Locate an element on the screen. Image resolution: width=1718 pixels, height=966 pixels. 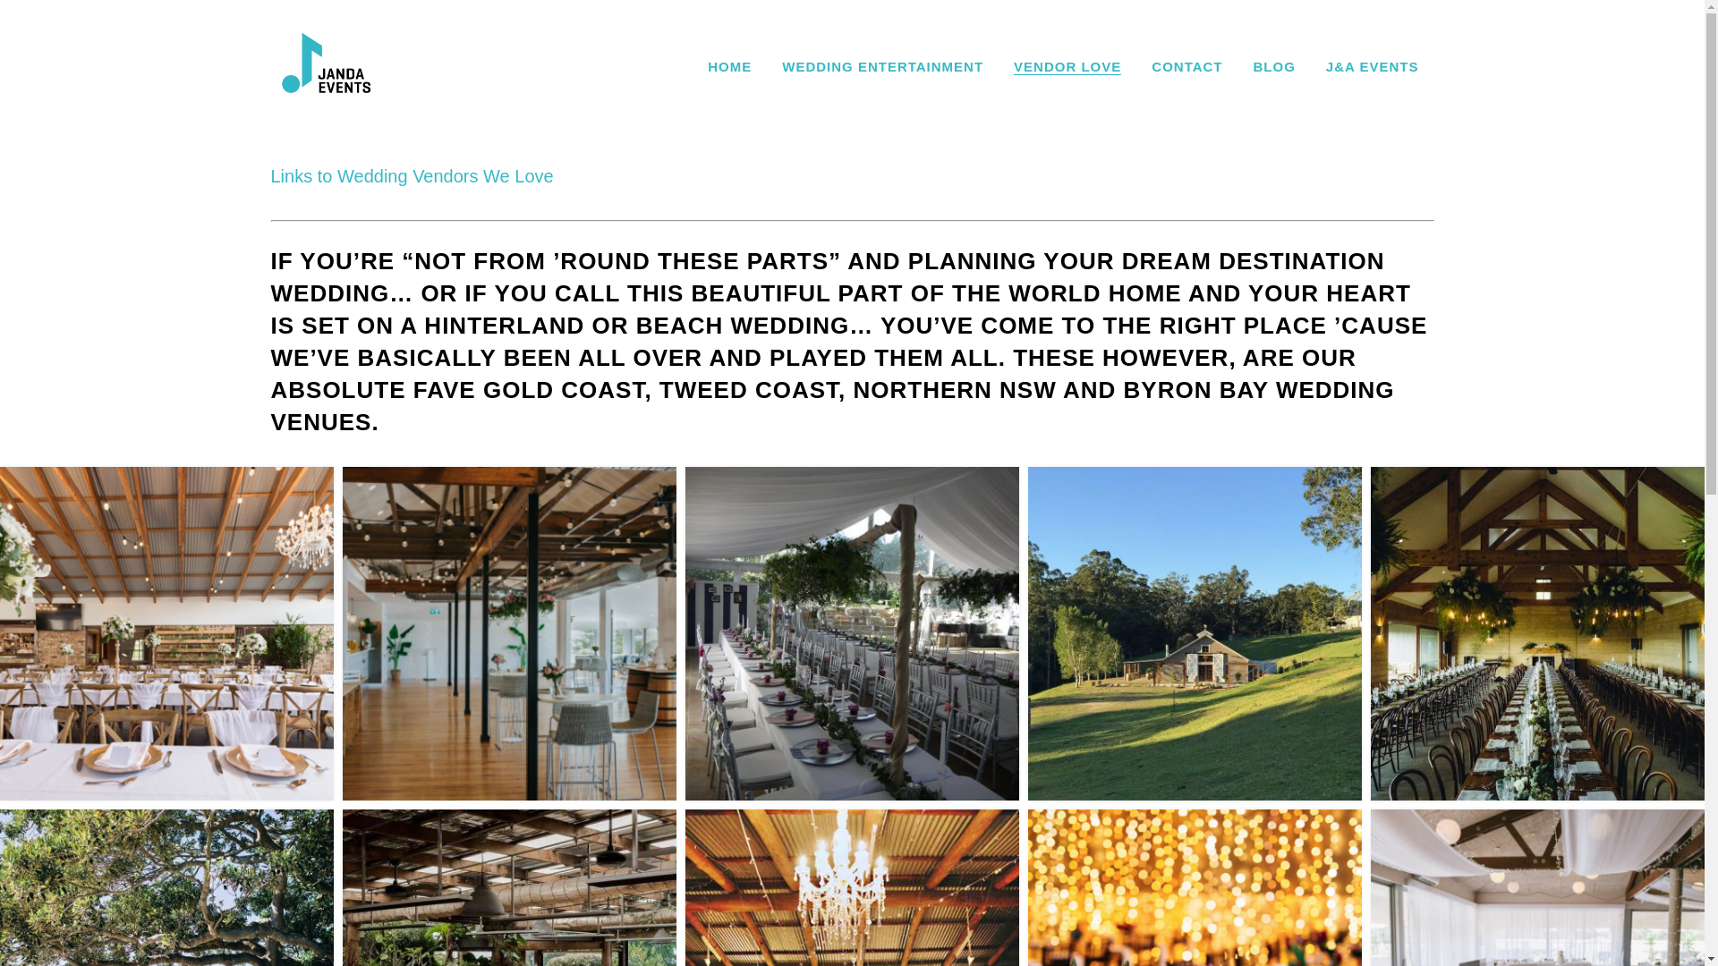
'Babalou' is located at coordinates (508, 632).